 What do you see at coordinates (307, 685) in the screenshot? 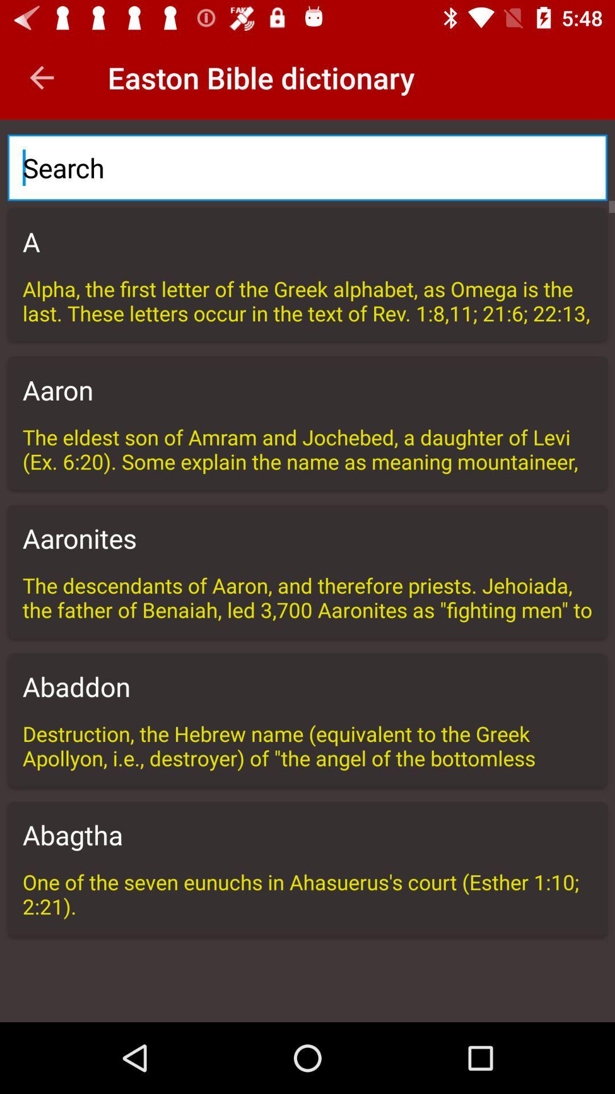
I see `the icon below the the descendants of` at bounding box center [307, 685].